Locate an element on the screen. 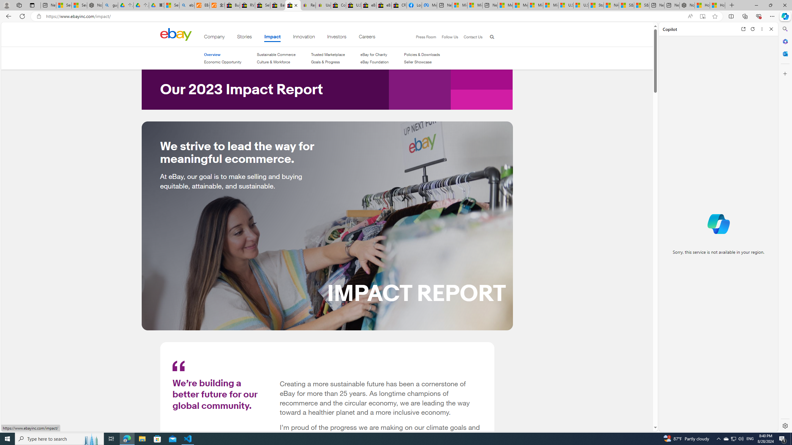 The image size is (792, 445). 'eBay for Charity' is located at coordinates (374, 54).